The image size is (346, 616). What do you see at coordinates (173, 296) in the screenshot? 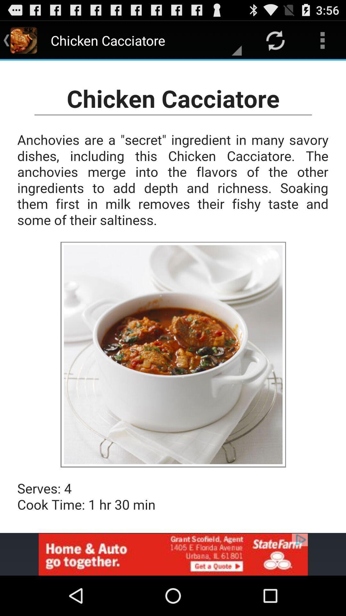
I see `page information` at bounding box center [173, 296].